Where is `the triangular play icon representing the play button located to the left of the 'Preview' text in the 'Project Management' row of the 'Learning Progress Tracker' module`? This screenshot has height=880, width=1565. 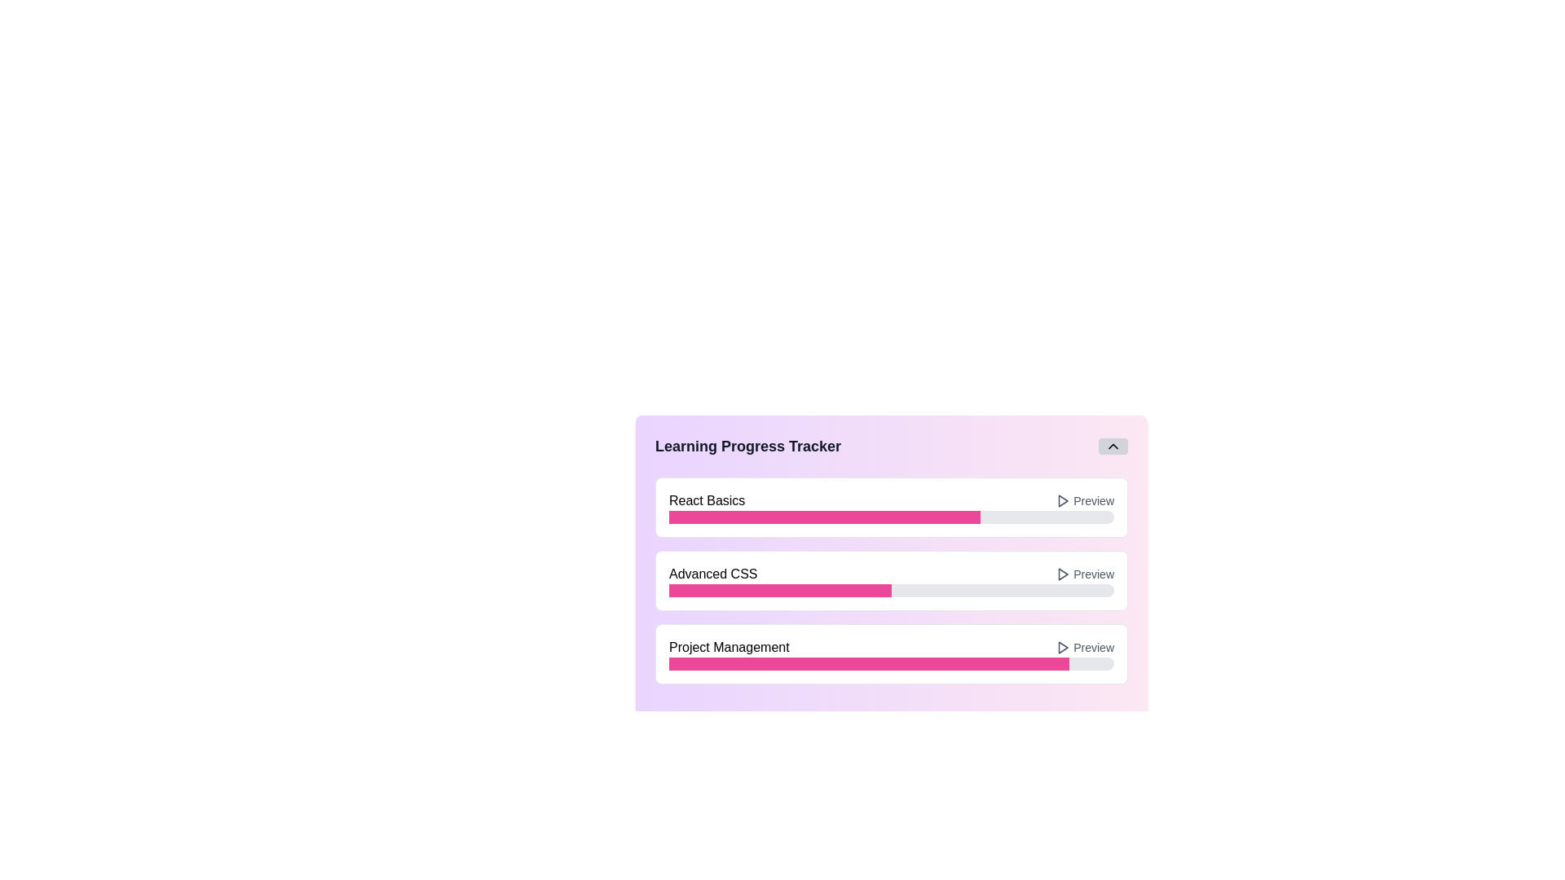
the triangular play icon representing the play button located to the left of the 'Preview' text in the 'Project Management' row of the 'Learning Progress Tracker' module is located at coordinates (1063, 646).